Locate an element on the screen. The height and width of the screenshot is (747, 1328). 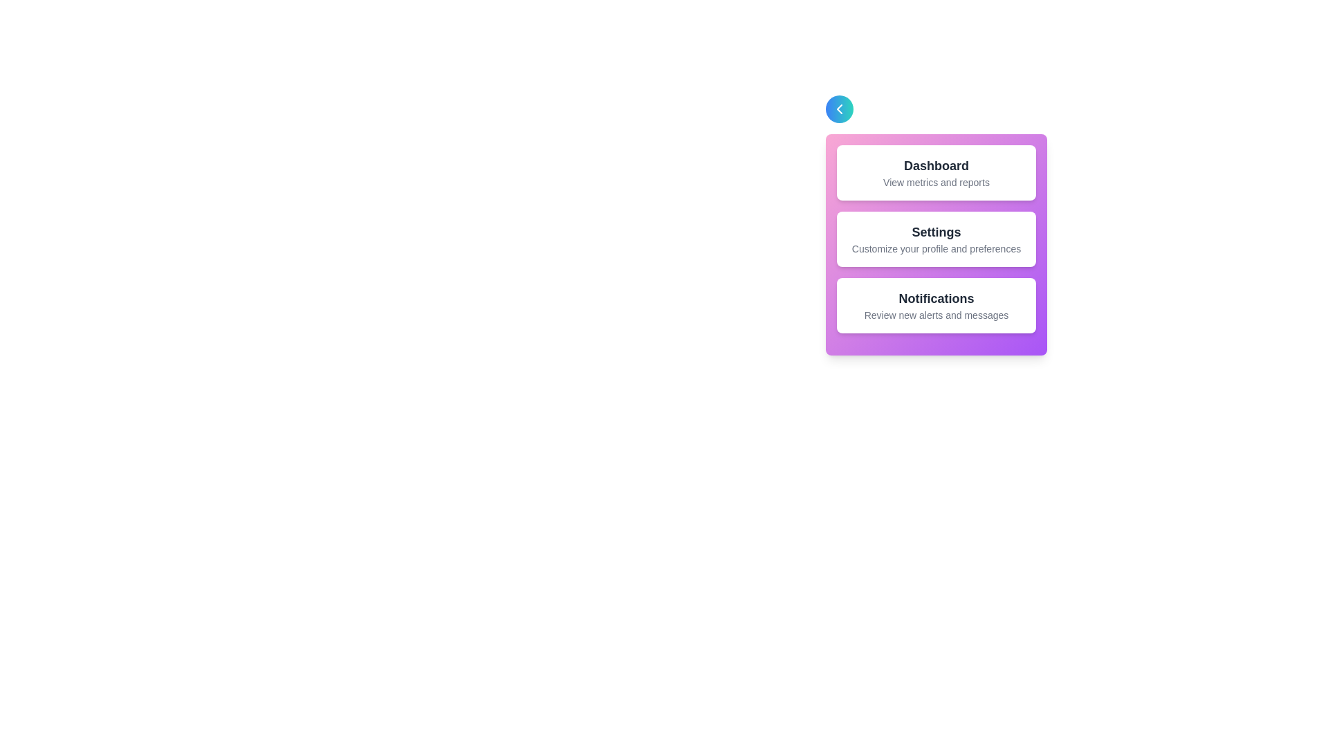
the section titled 'Settings' to observe its visual effect is located at coordinates (936, 239).